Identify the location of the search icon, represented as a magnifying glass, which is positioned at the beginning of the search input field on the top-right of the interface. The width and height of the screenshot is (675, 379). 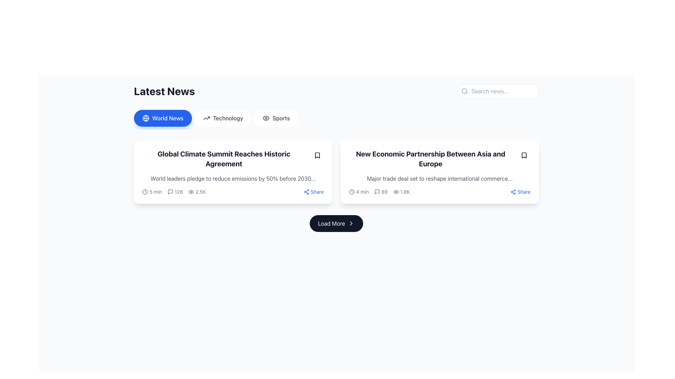
(464, 91).